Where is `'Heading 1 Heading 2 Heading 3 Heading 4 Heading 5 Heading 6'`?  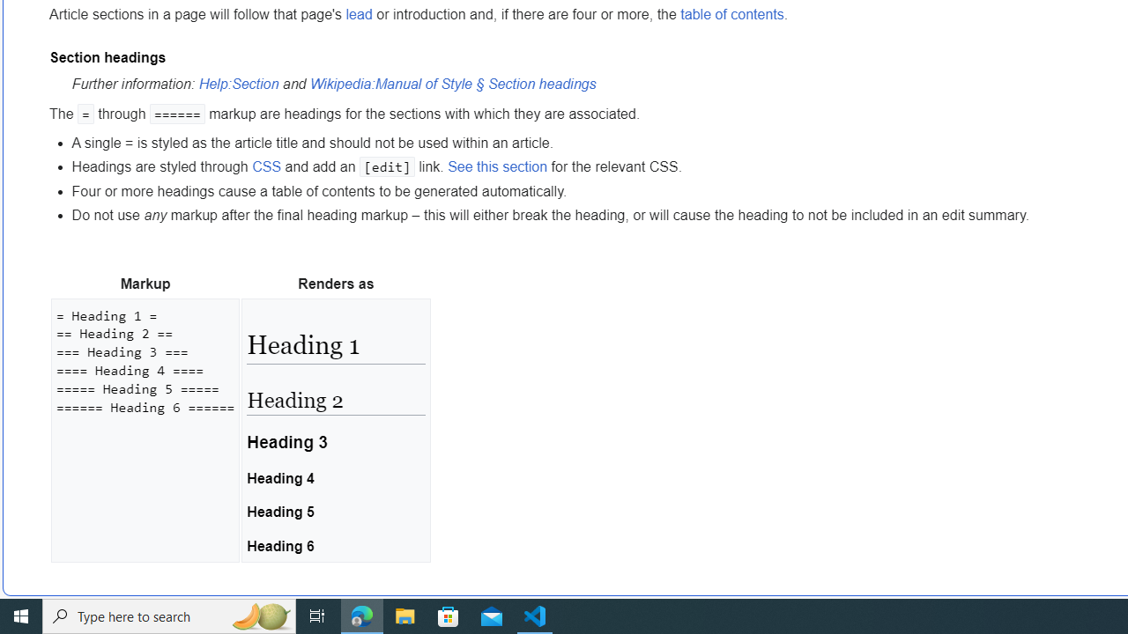 'Heading 1 Heading 2 Heading 3 Heading 4 Heading 5 Heading 6' is located at coordinates (336, 430).